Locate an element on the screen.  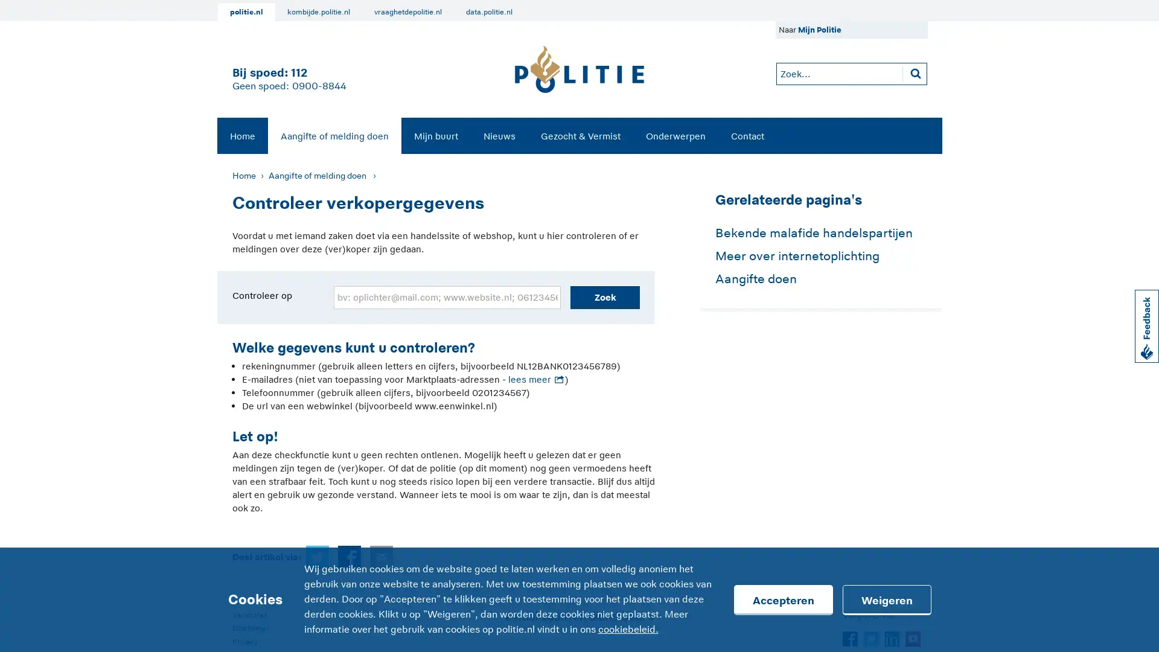
Zoek is located at coordinates (605, 297).